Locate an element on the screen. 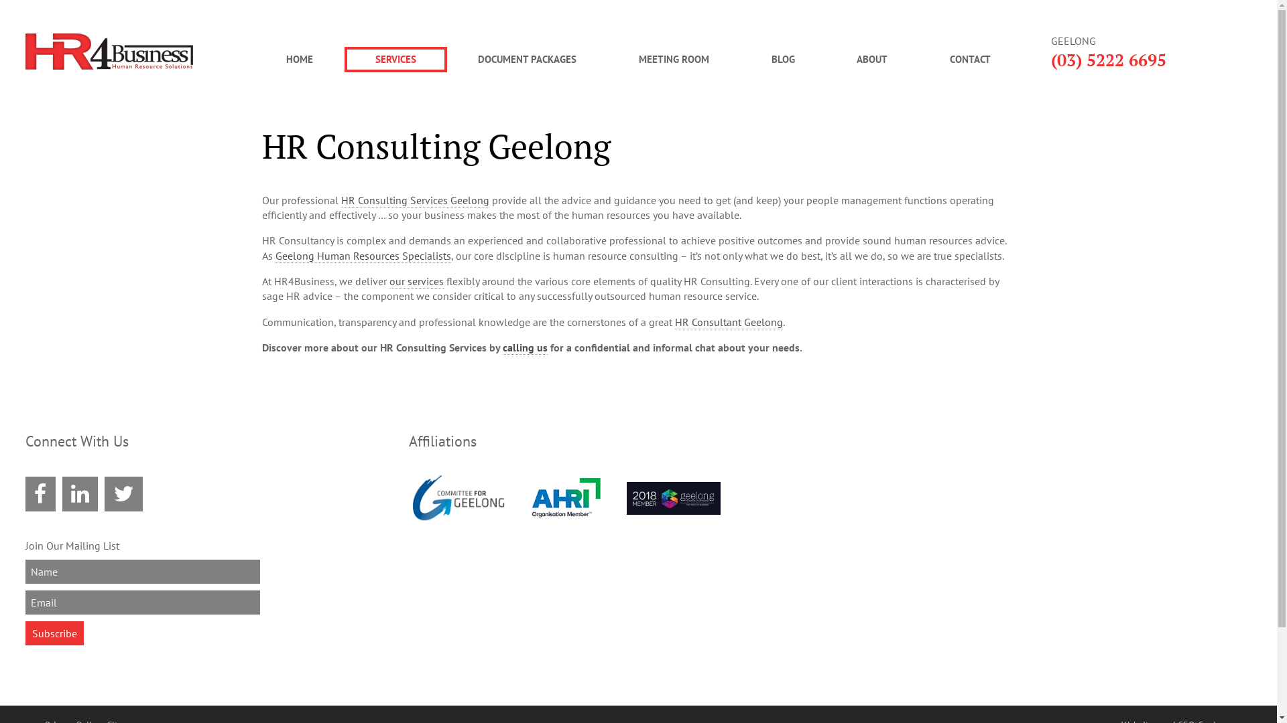  'Geelong Human Resources Specialists' is located at coordinates (363, 256).